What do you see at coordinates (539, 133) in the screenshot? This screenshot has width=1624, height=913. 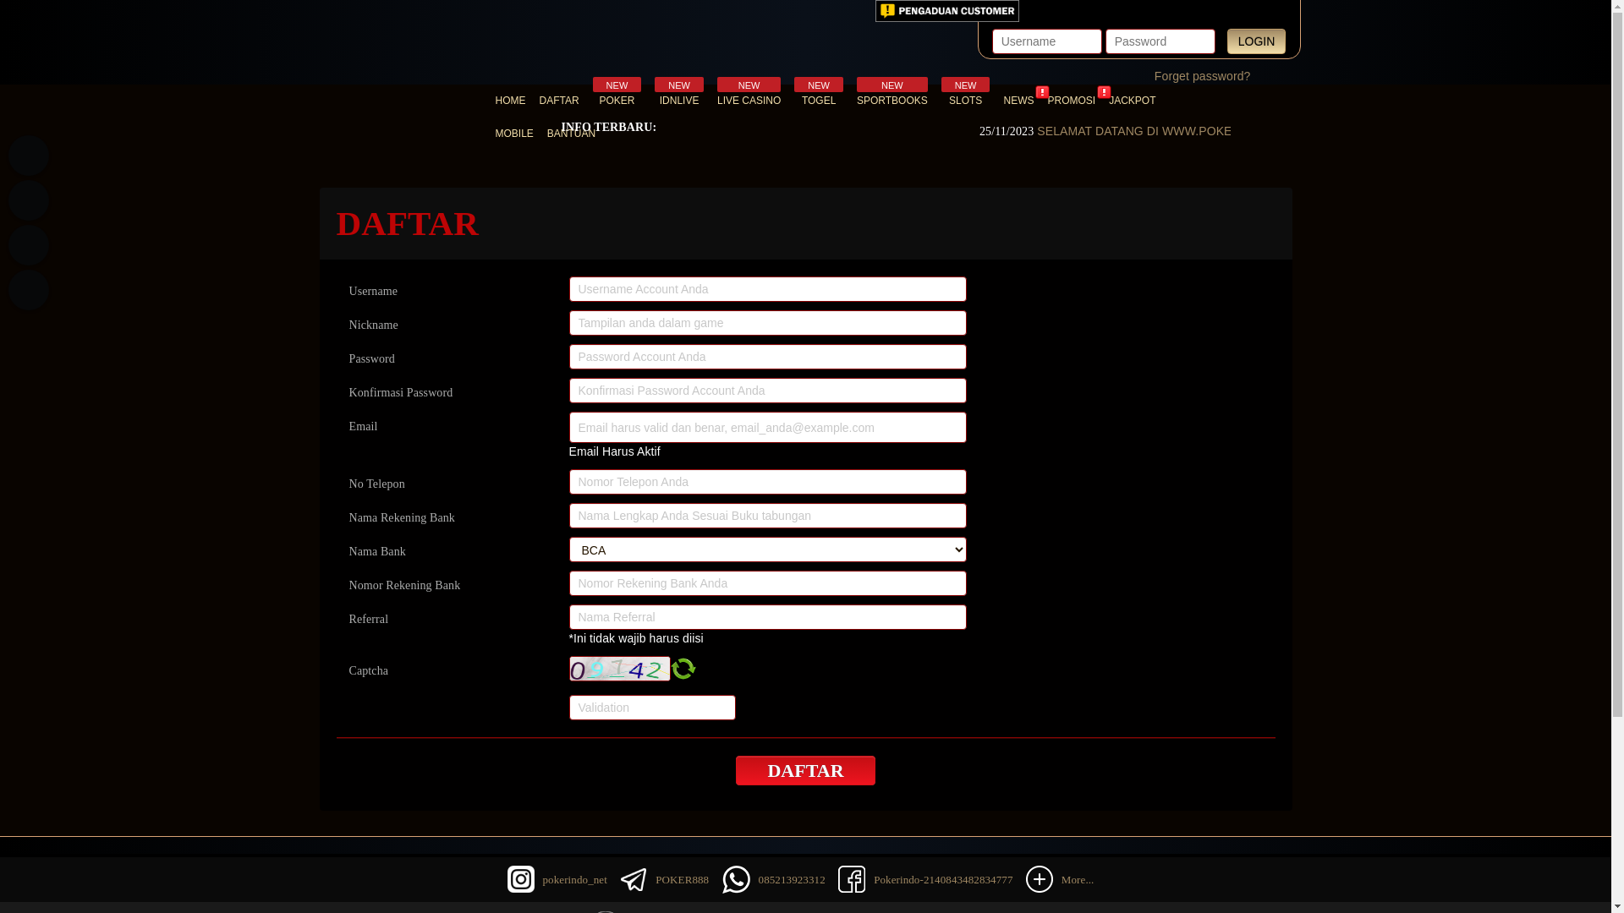 I see `'BANTUAN'` at bounding box center [539, 133].